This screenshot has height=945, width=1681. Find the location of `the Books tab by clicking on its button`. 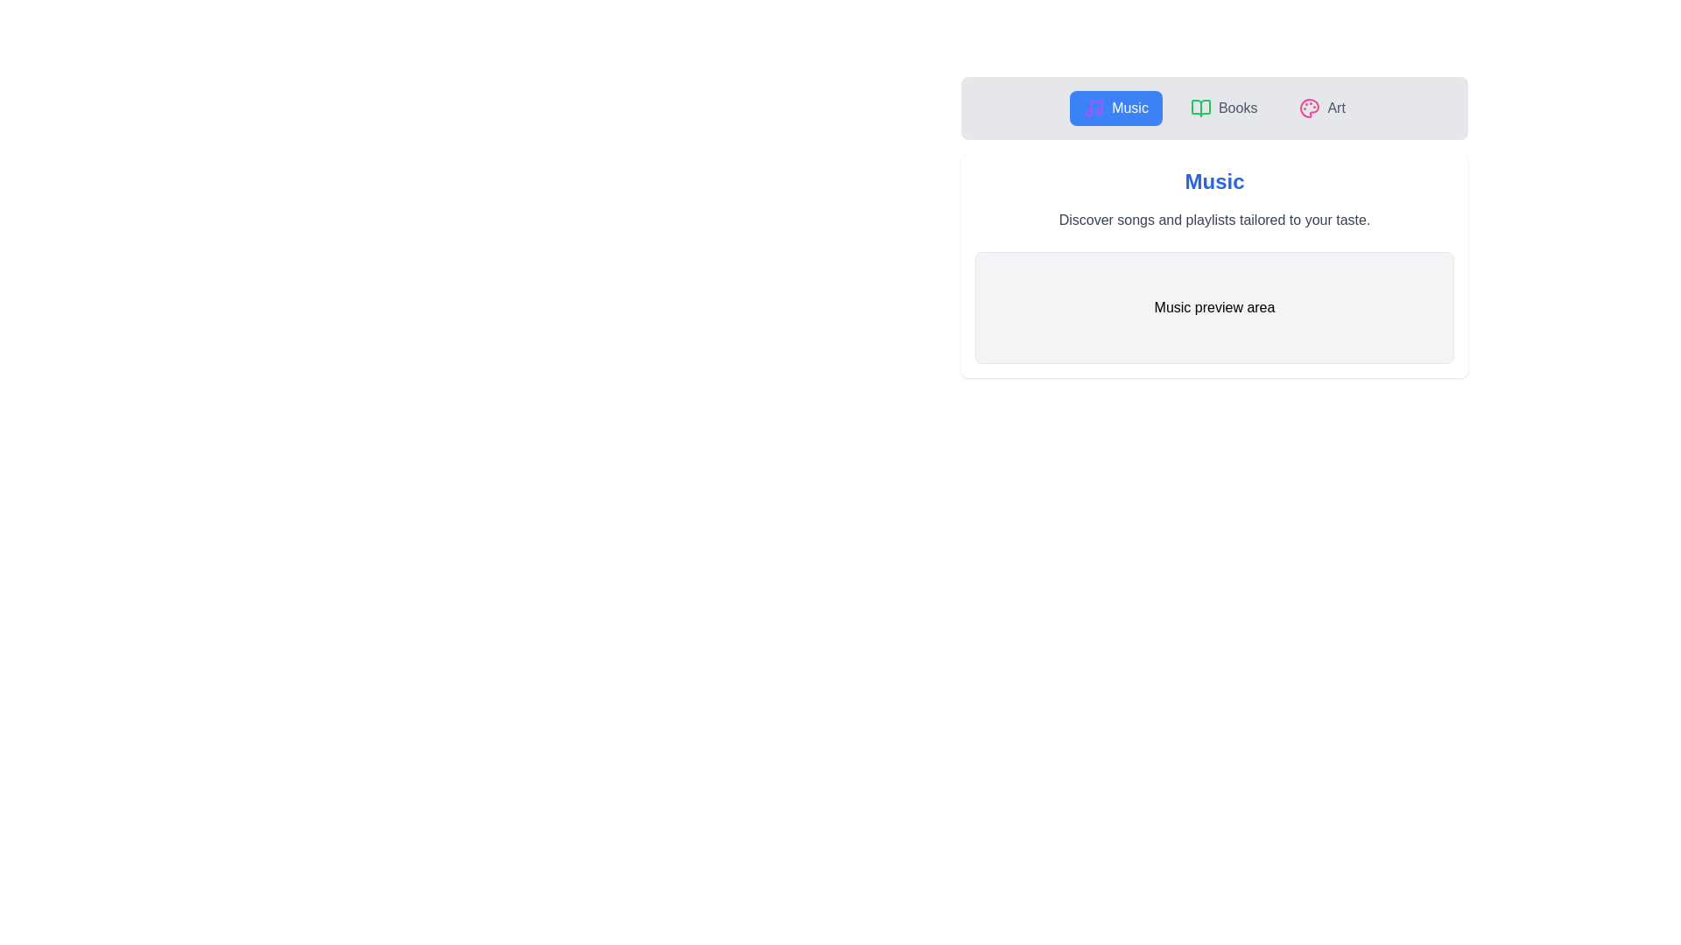

the Books tab by clicking on its button is located at coordinates (1223, 108).